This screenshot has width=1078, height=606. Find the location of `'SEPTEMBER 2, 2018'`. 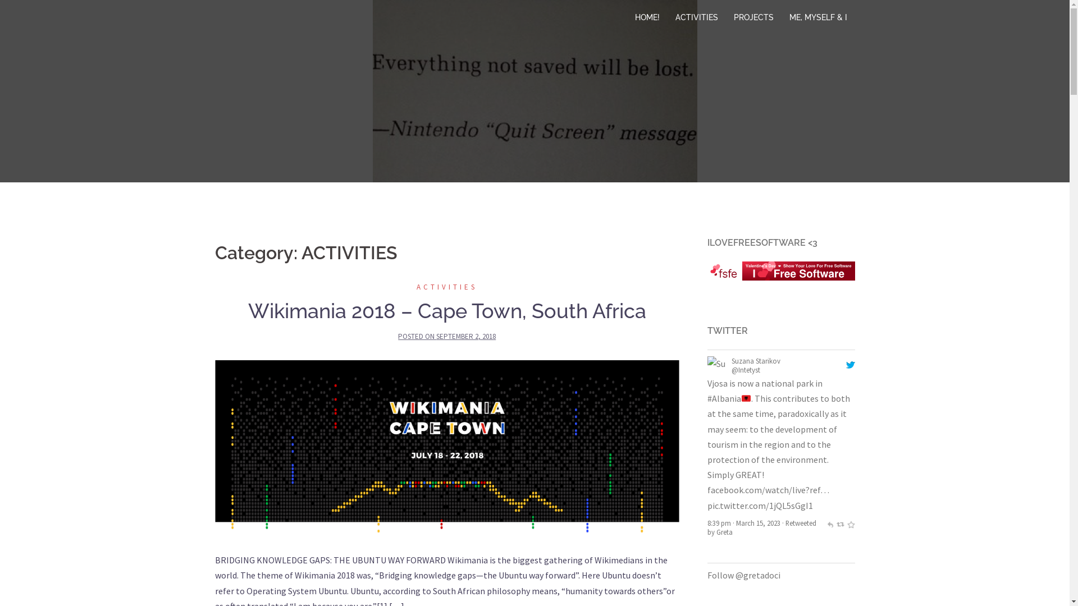

'SEPTEMBER 2, 2018' is located at coordinates (466, 336).